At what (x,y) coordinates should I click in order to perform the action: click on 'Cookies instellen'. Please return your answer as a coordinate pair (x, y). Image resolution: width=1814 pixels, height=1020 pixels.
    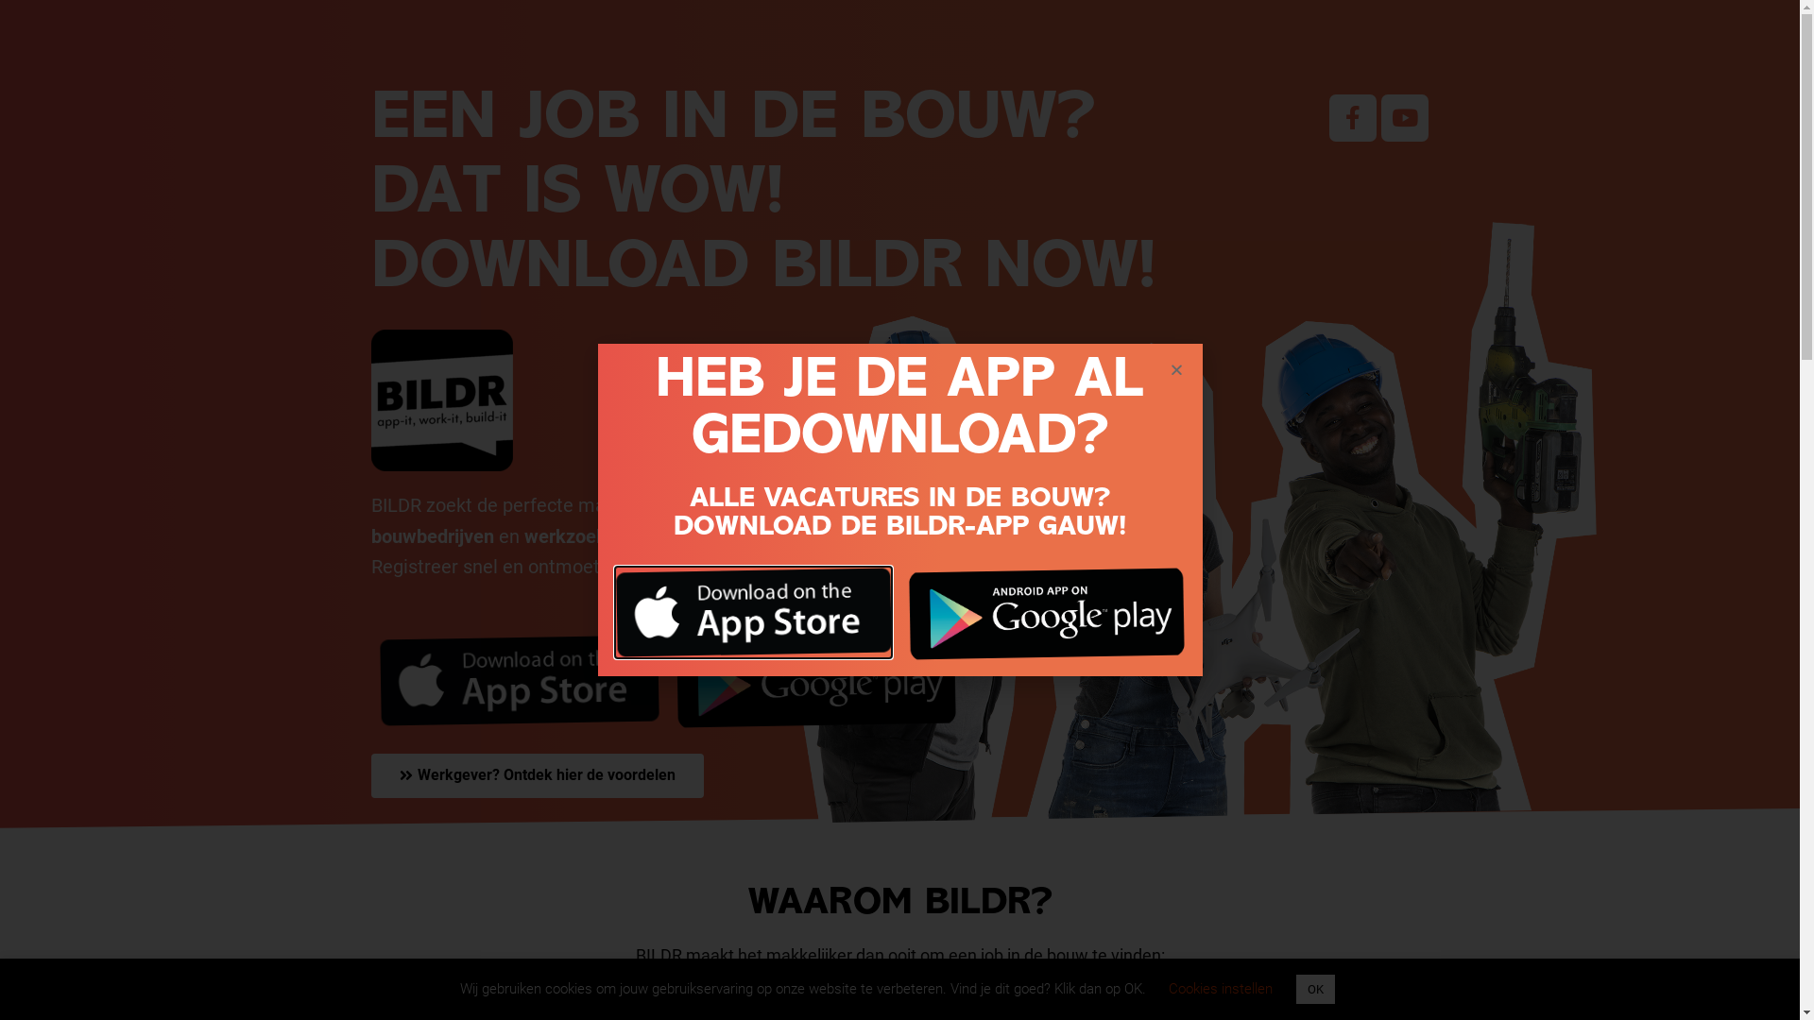
    Looking at the image, I should click on (1168, 987).